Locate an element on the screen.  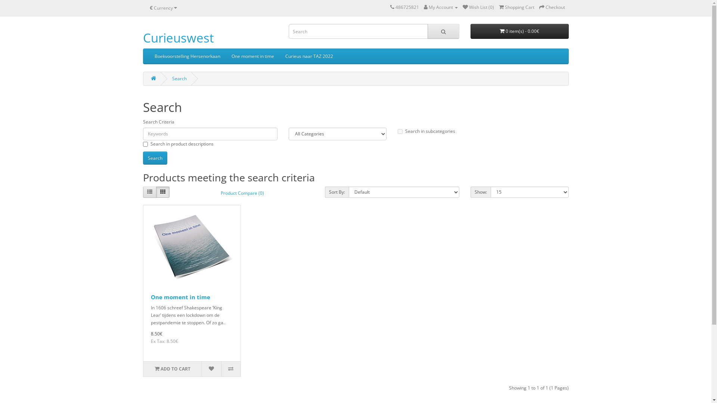
'Shopping Cart' is located at coordinates (516, 7).